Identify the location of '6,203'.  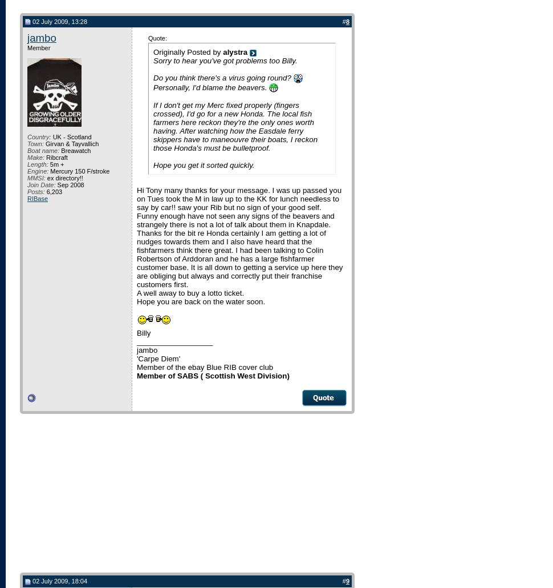
(52, 191).